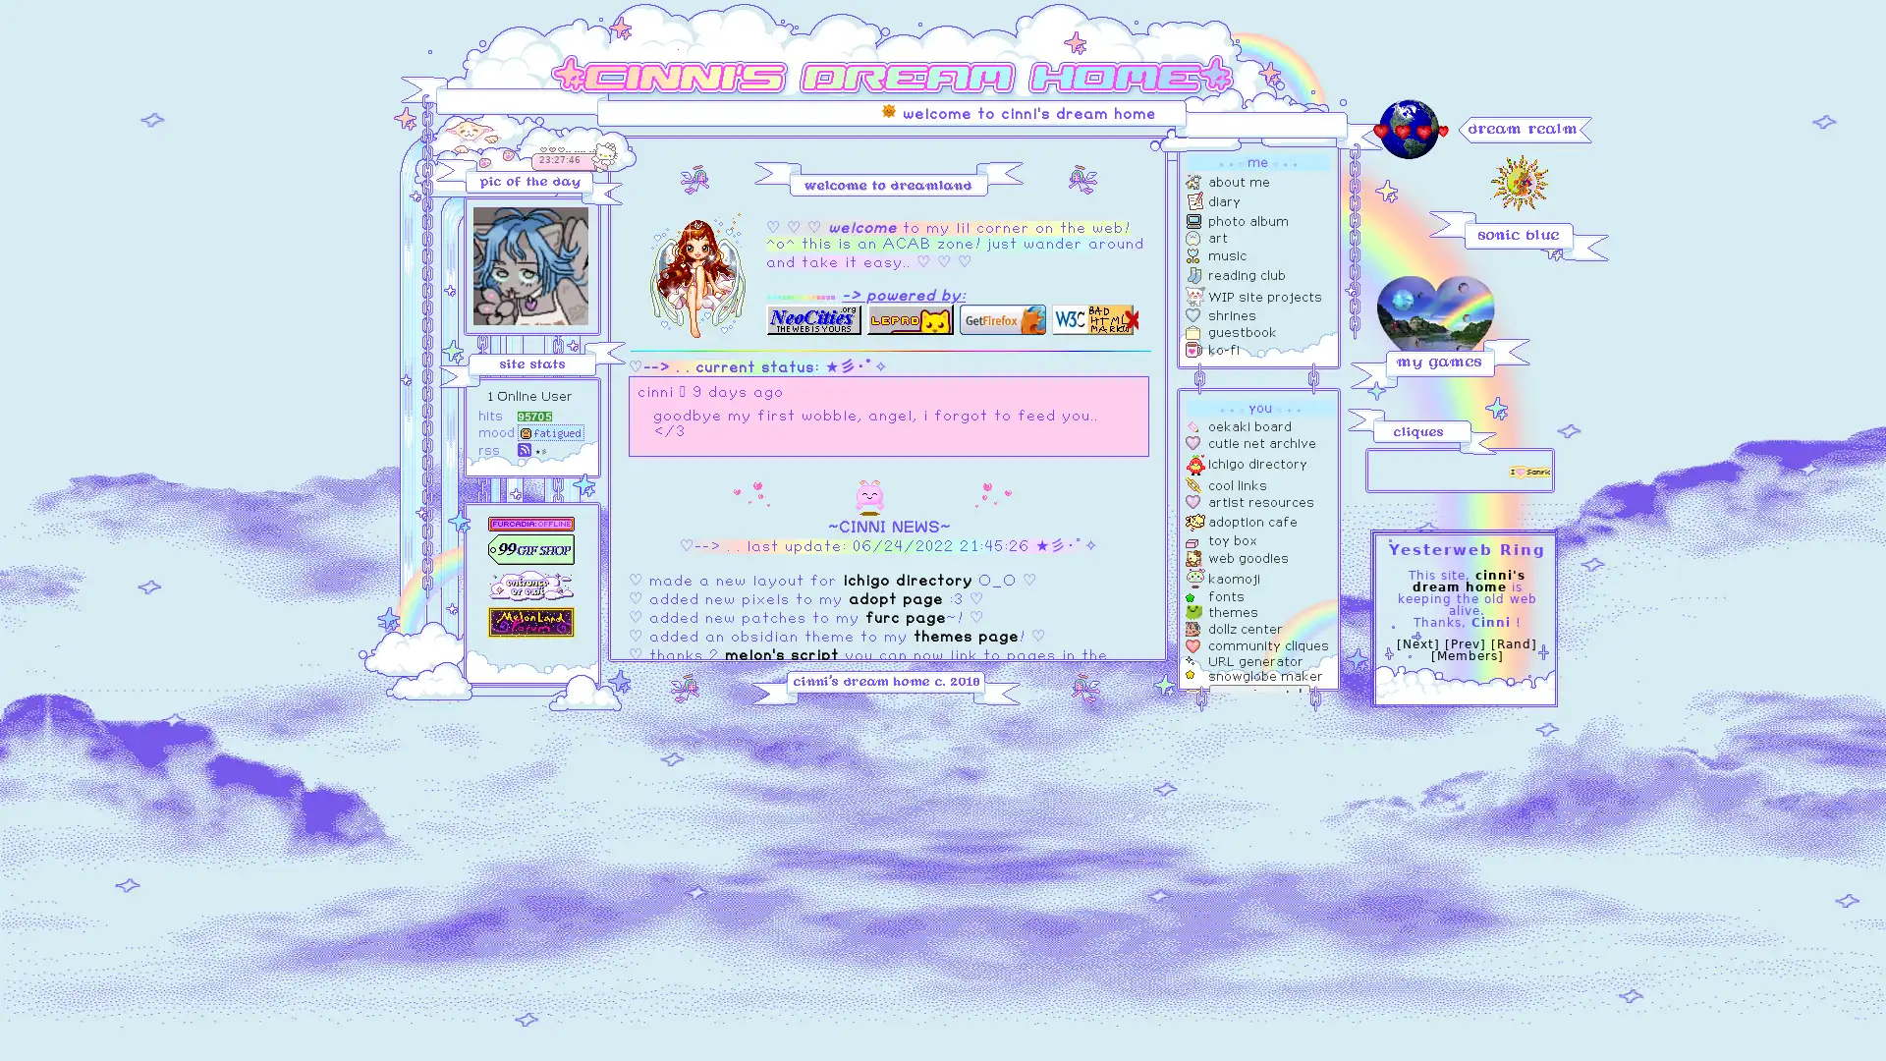 This screenshot has width=1886, height=1061. What do you see at coordinates (1259, 693) in the screenshot?
I see `experimental` at bounding box center [1259, 693].